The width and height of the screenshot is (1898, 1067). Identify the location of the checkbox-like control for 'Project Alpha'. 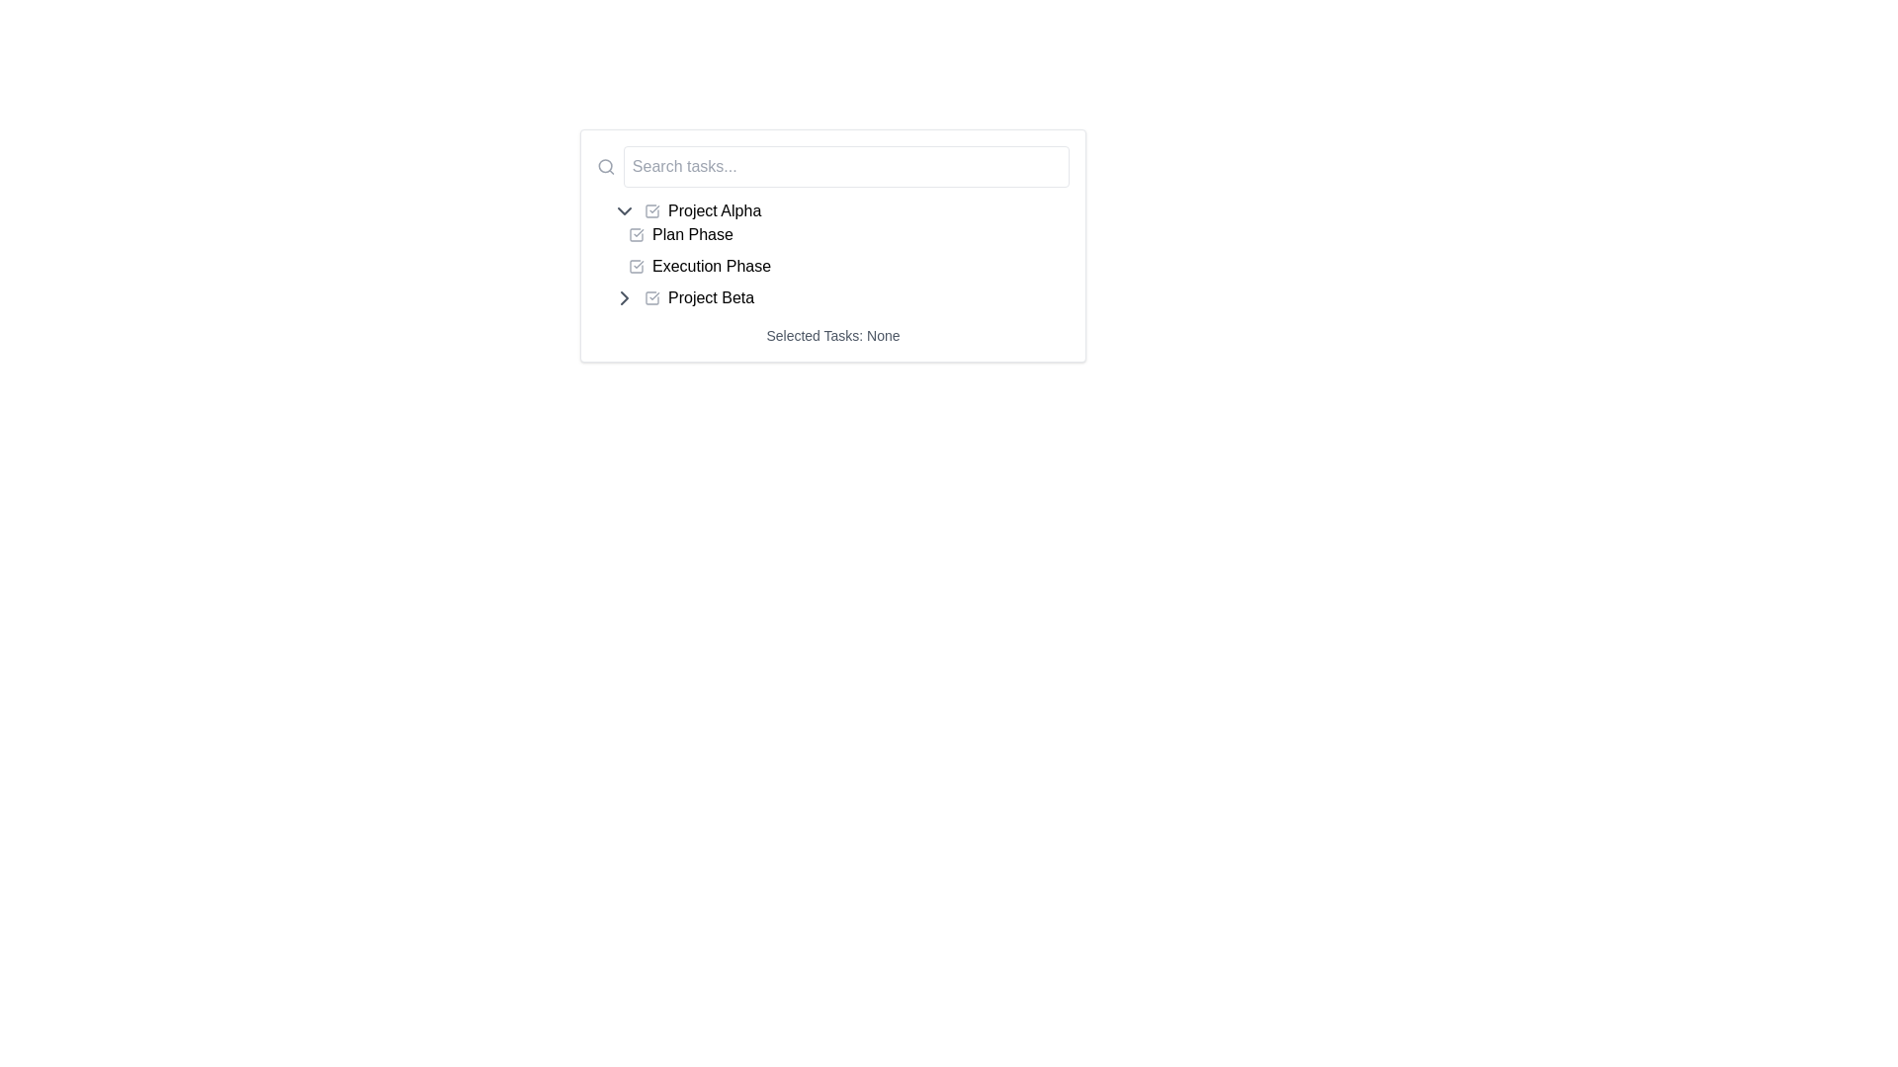
(652, 210).